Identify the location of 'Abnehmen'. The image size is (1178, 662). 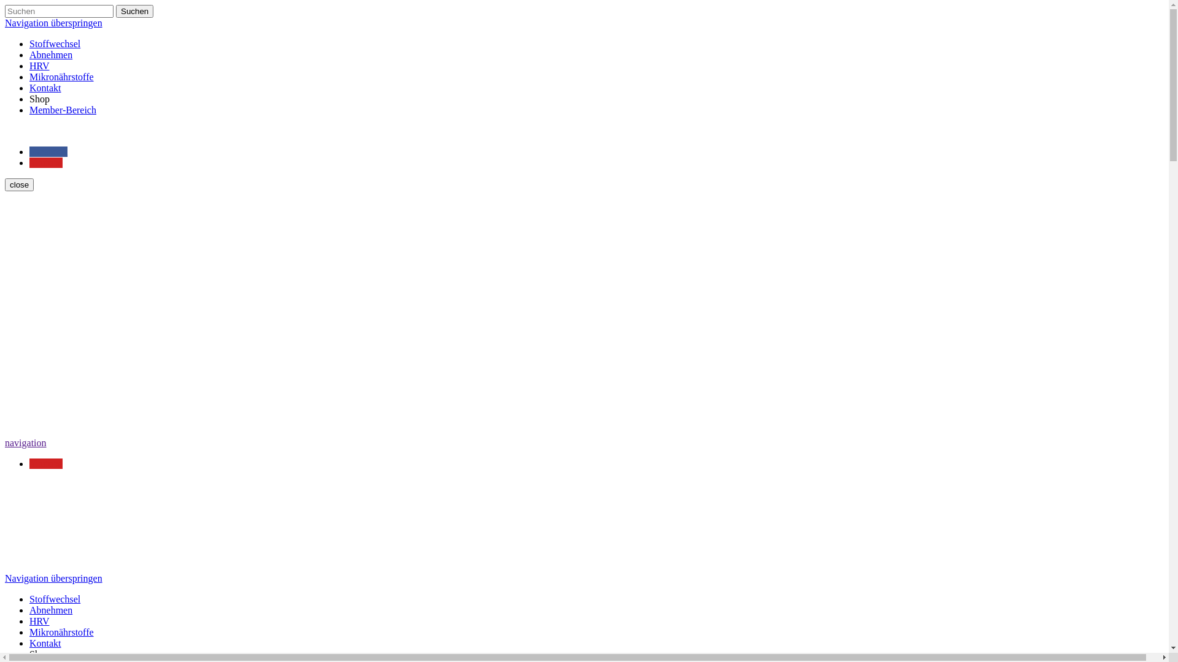
(50, 610).